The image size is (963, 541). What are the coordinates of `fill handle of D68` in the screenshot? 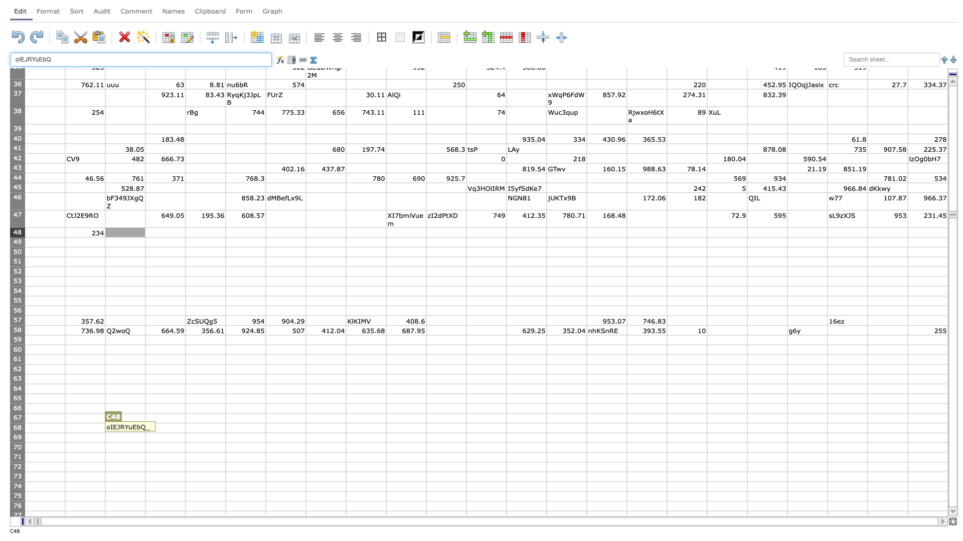 It's located at (185, 432).